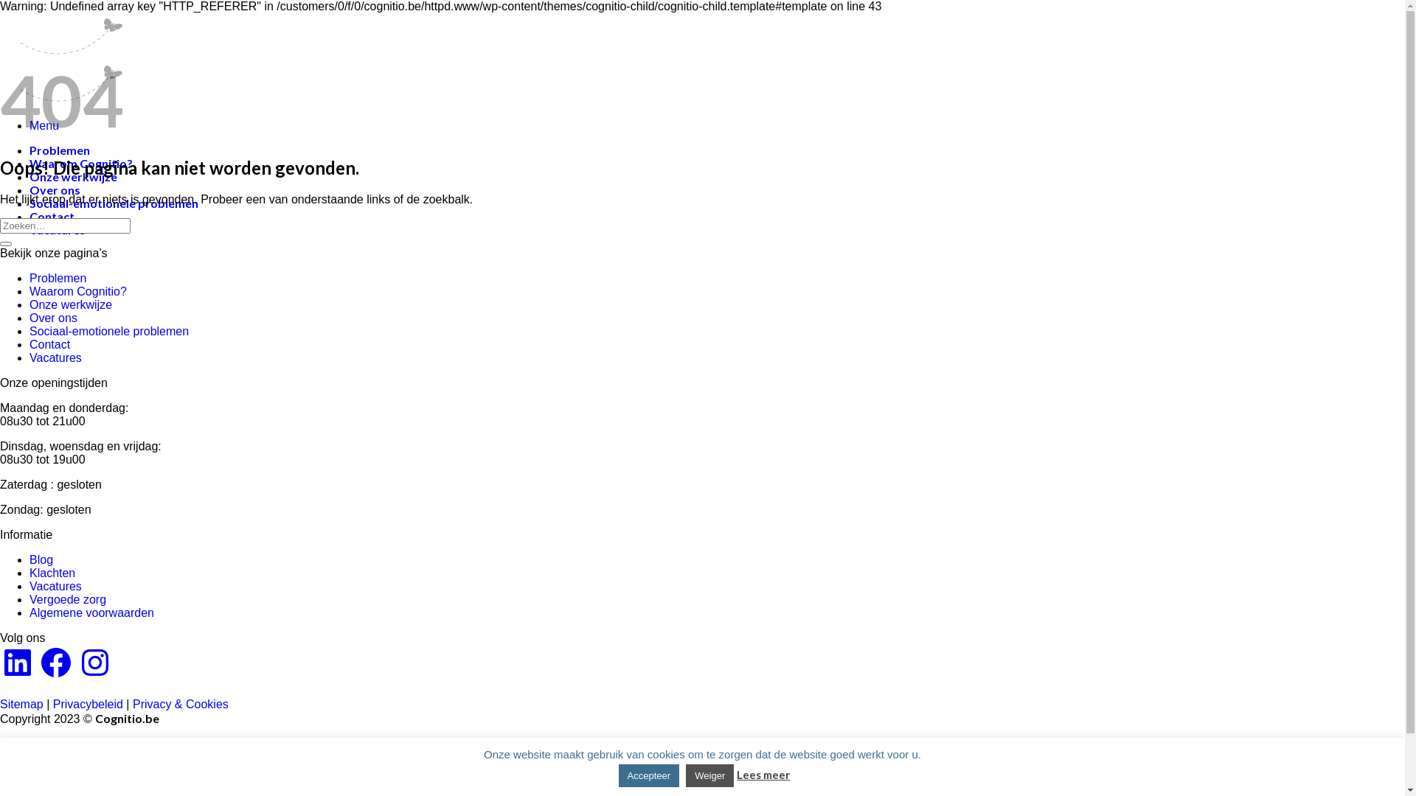 Image resolution: width=1416 pixels, height=796 pixels. I want to click on 'Vacatures', so click(55, 357).